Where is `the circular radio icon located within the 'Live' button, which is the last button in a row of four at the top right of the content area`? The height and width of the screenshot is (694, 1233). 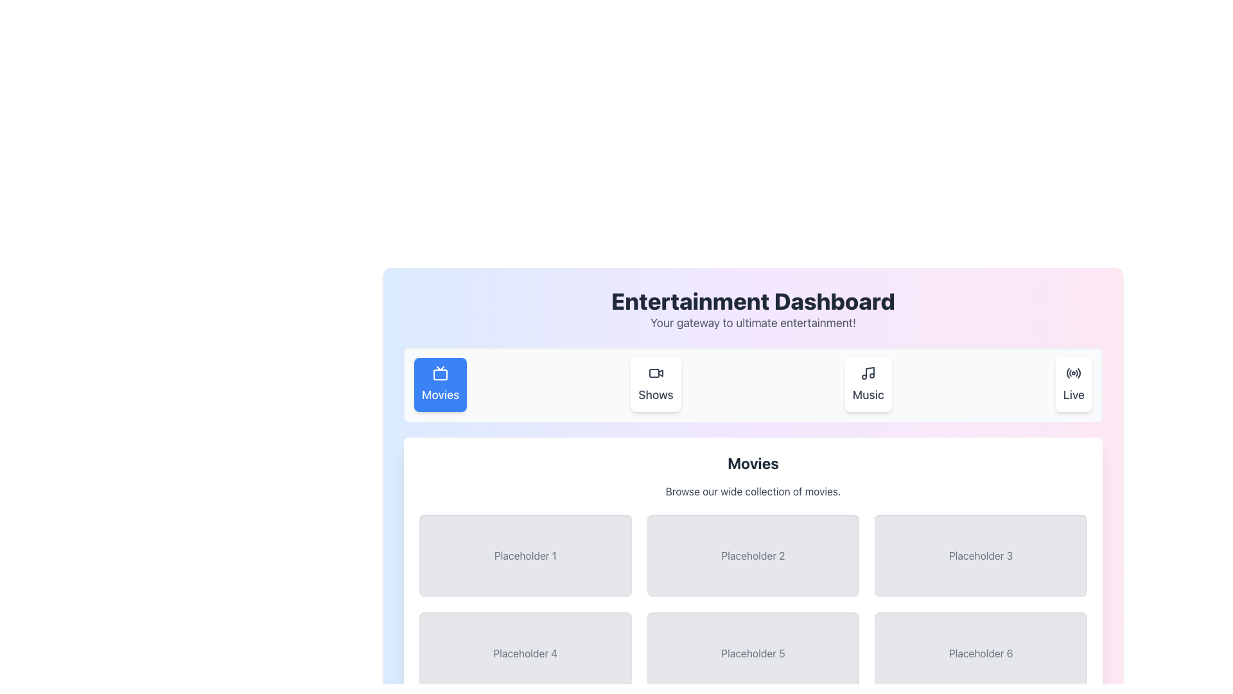 the circular radio icon located within the 'Live' button, which is the last button in a row of four at the top right of the content area is located at coordinates (1074, 373).